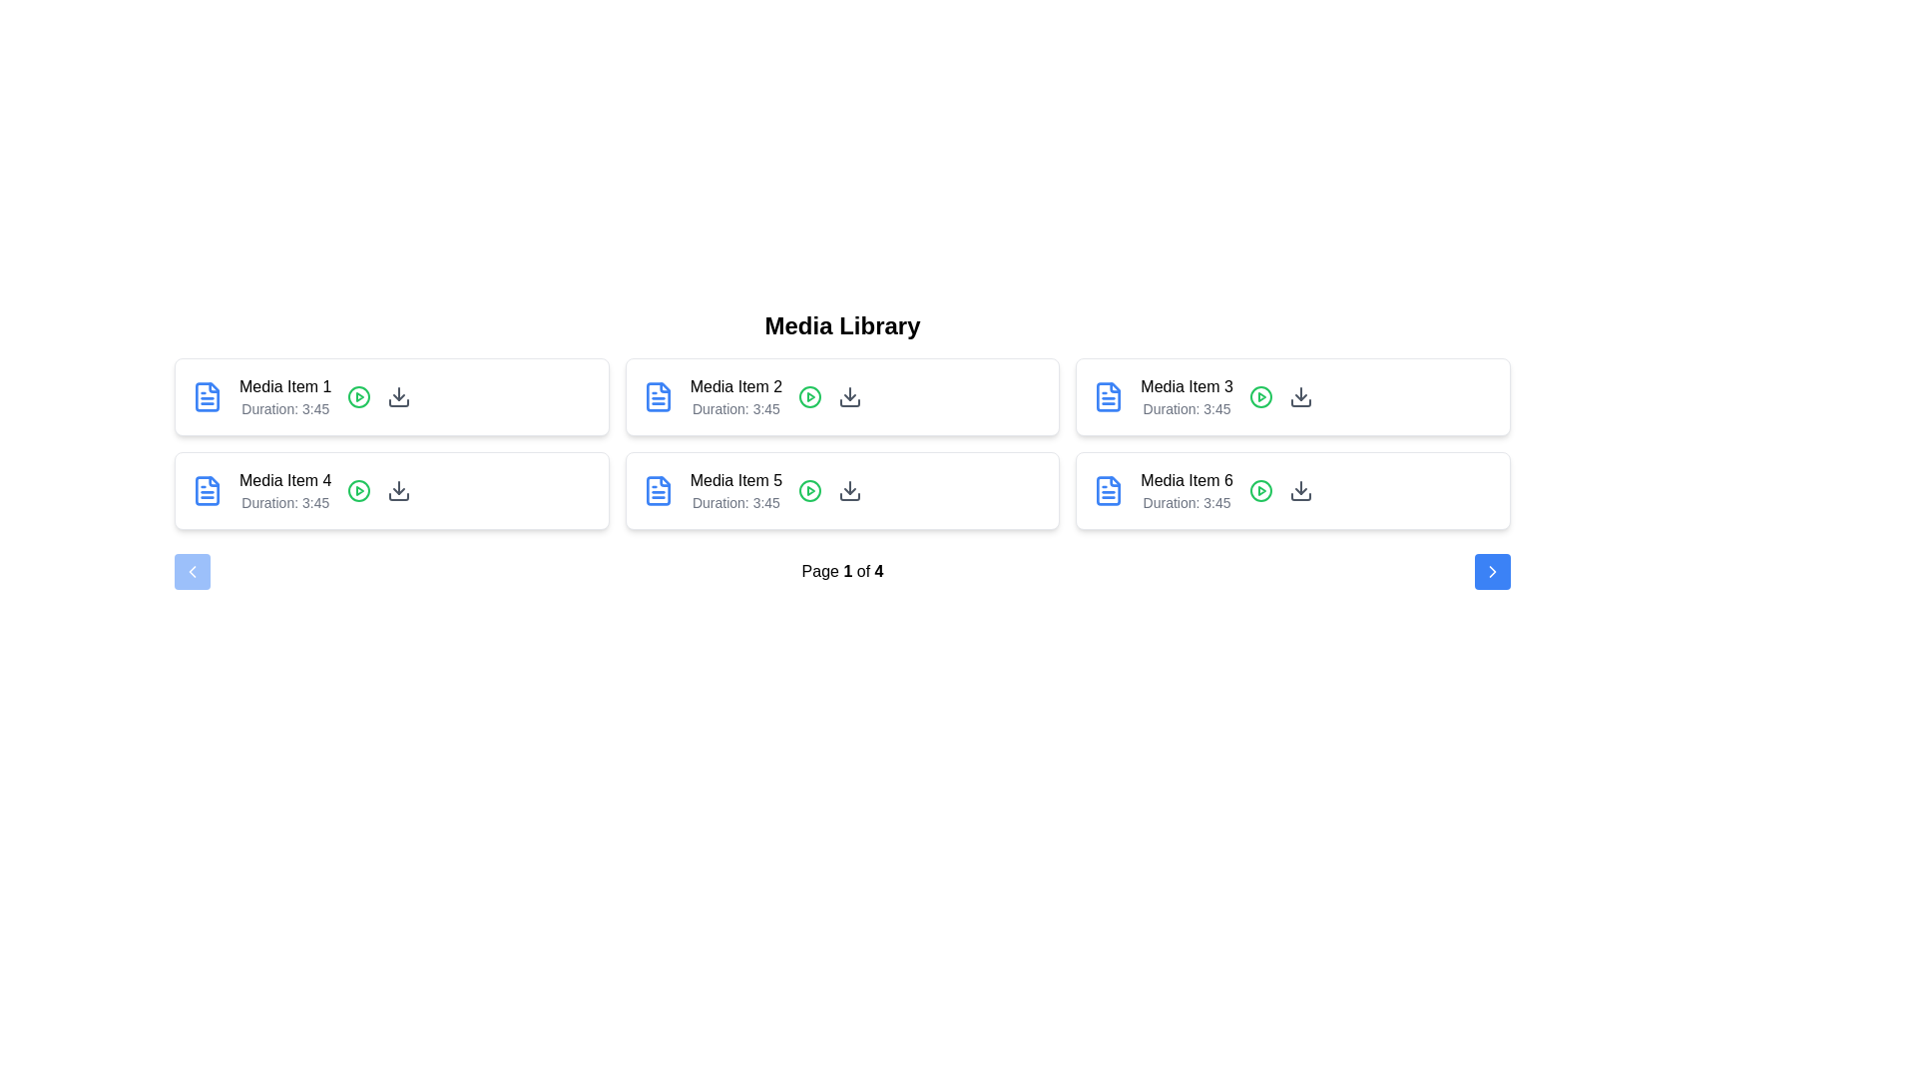 This screenshot has width=1916, height=1078. What do you see at coordinates (1493, 572) in the screenshot?
I see `the 'Next Page' button located in the bottom-right corner of the interface` at bounding box center [1493, 572].